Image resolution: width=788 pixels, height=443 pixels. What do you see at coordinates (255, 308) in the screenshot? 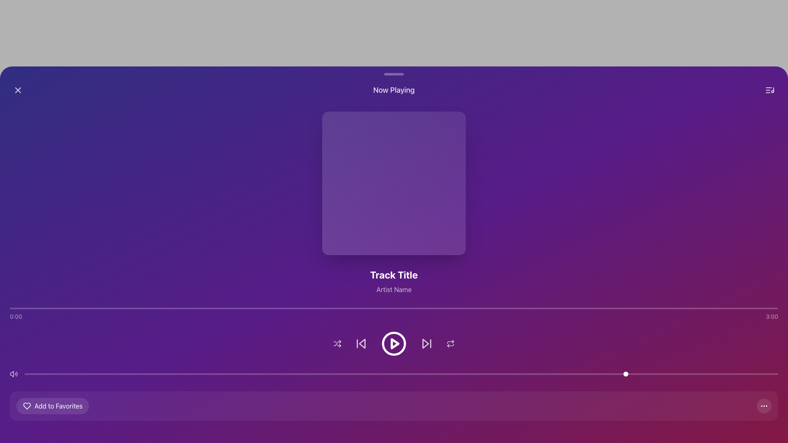
I see `the playback progress` at bounding box center [255, 308].